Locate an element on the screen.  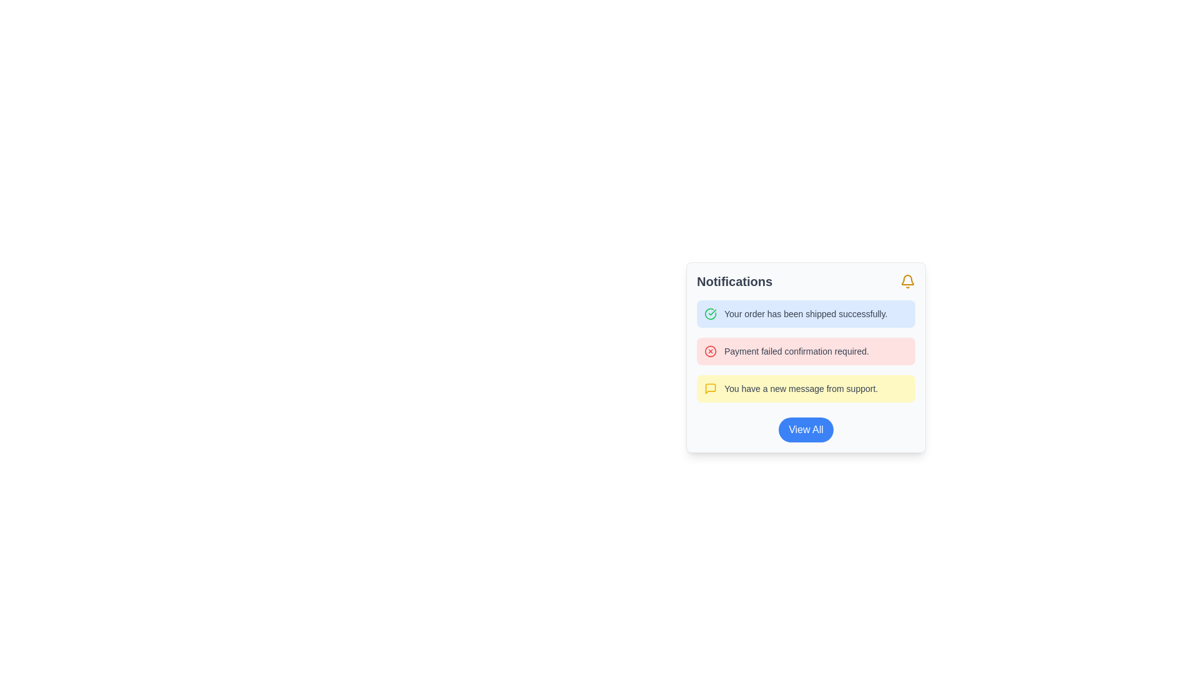
the text label displaying 'Your order has been shipped successfully.' located in a highlighted notification card at the top of the notification list is located at coordinates (806, 313).